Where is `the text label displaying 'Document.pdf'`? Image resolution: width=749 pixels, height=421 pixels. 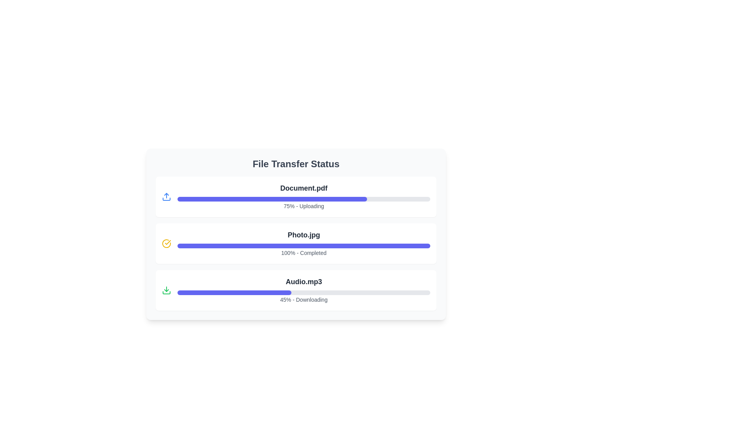 the text label displaying 'Document.pdf' is located at coordinates (303, 188).